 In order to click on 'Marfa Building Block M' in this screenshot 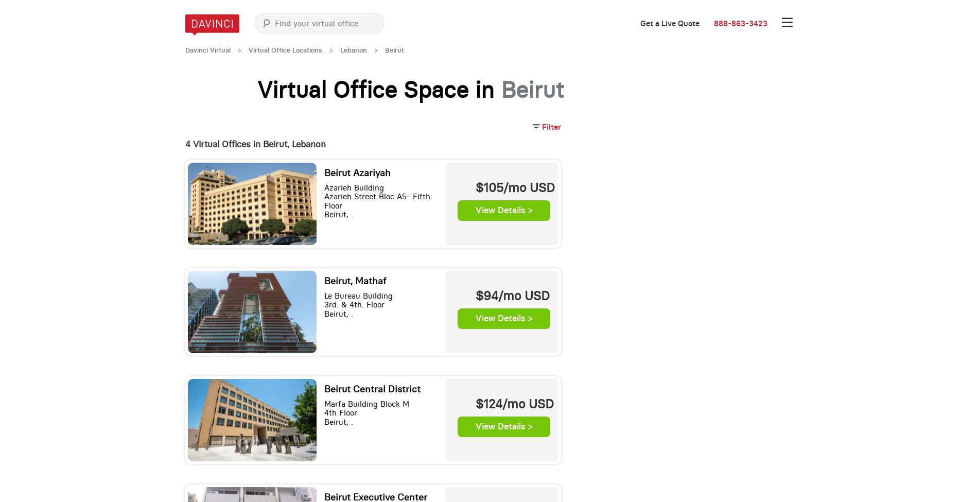, I will do `click(366, 404)`.